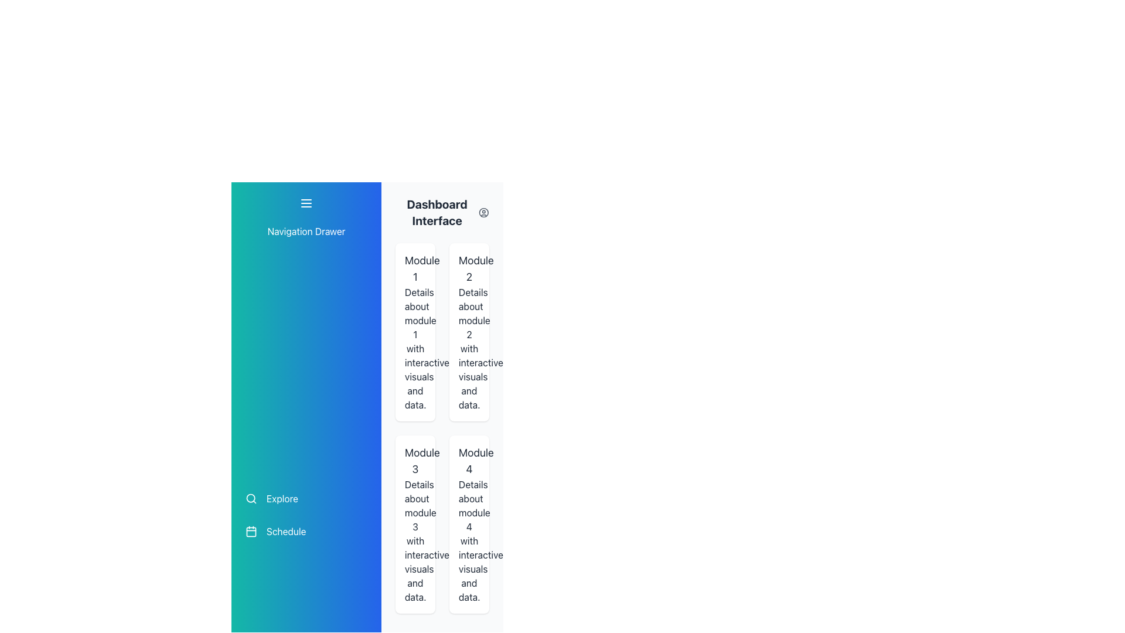 Image resolution: width=1125 pixels, height=633 pixels. What do you see at coordinates (250, 531) in the screenshot?
I see `the largest rectangular component of the calendar icon, which is an SVG graphical element with rounded corners` at bounding box center [250, 531].